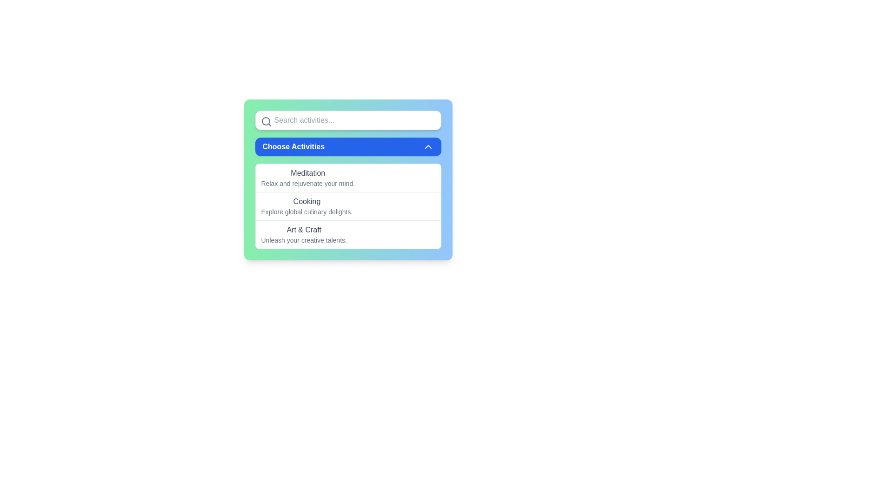 The image size is (893, 502). What do you see at coordinates (347, 146) in the screenshot?
I see `the blue rectangular button labeled 'Choose Activities' located below the search field` at bounding box center [347, 146].